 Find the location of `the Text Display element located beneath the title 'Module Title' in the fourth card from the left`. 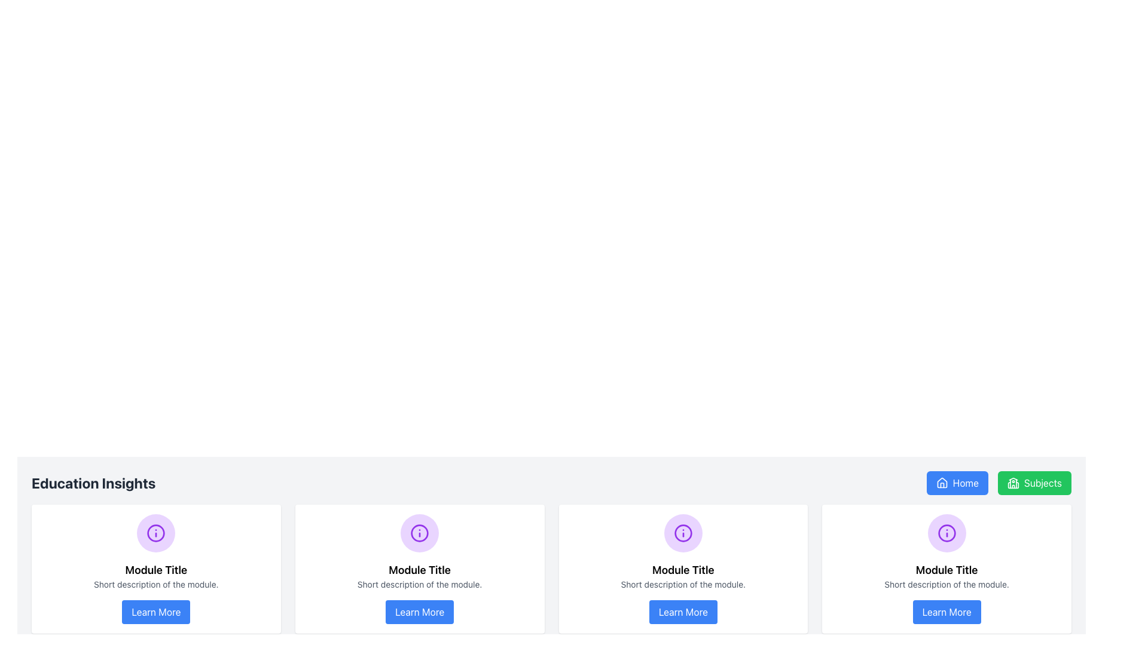

the Text Display element located beneath the title 'Module Title' in the fourth card from the left is located at coordinates (946, 584).